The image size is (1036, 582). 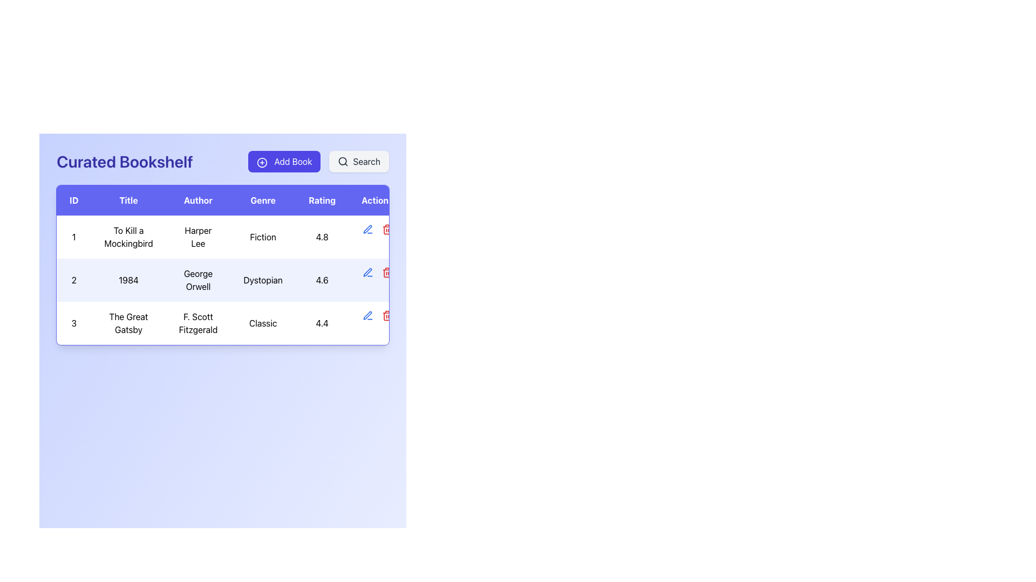 What do you see at coordinates (322, 280) in the screenshot?
I see `numerical rating displayed for the book '1984' by George Orwell in the second row of the data table under the 'Rating' column` at bounding box center [322, 280].